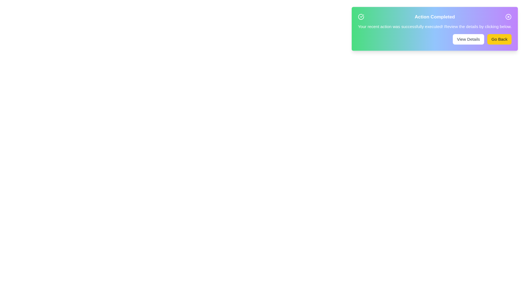  What do you see at coordinates (468, 39) in the screenshot?
I see `the 'View Details' button to view the details` at bounding box center [468, 39].